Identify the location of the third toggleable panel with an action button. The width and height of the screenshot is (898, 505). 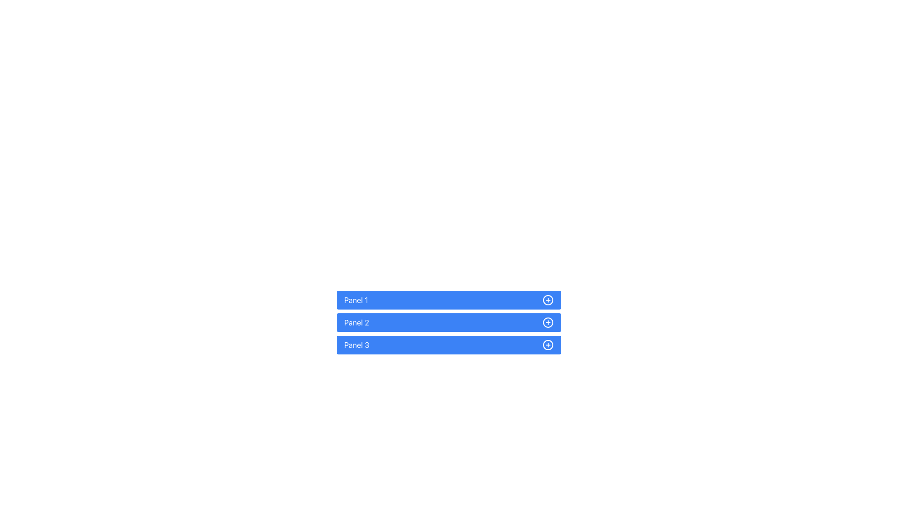
(449, 345).